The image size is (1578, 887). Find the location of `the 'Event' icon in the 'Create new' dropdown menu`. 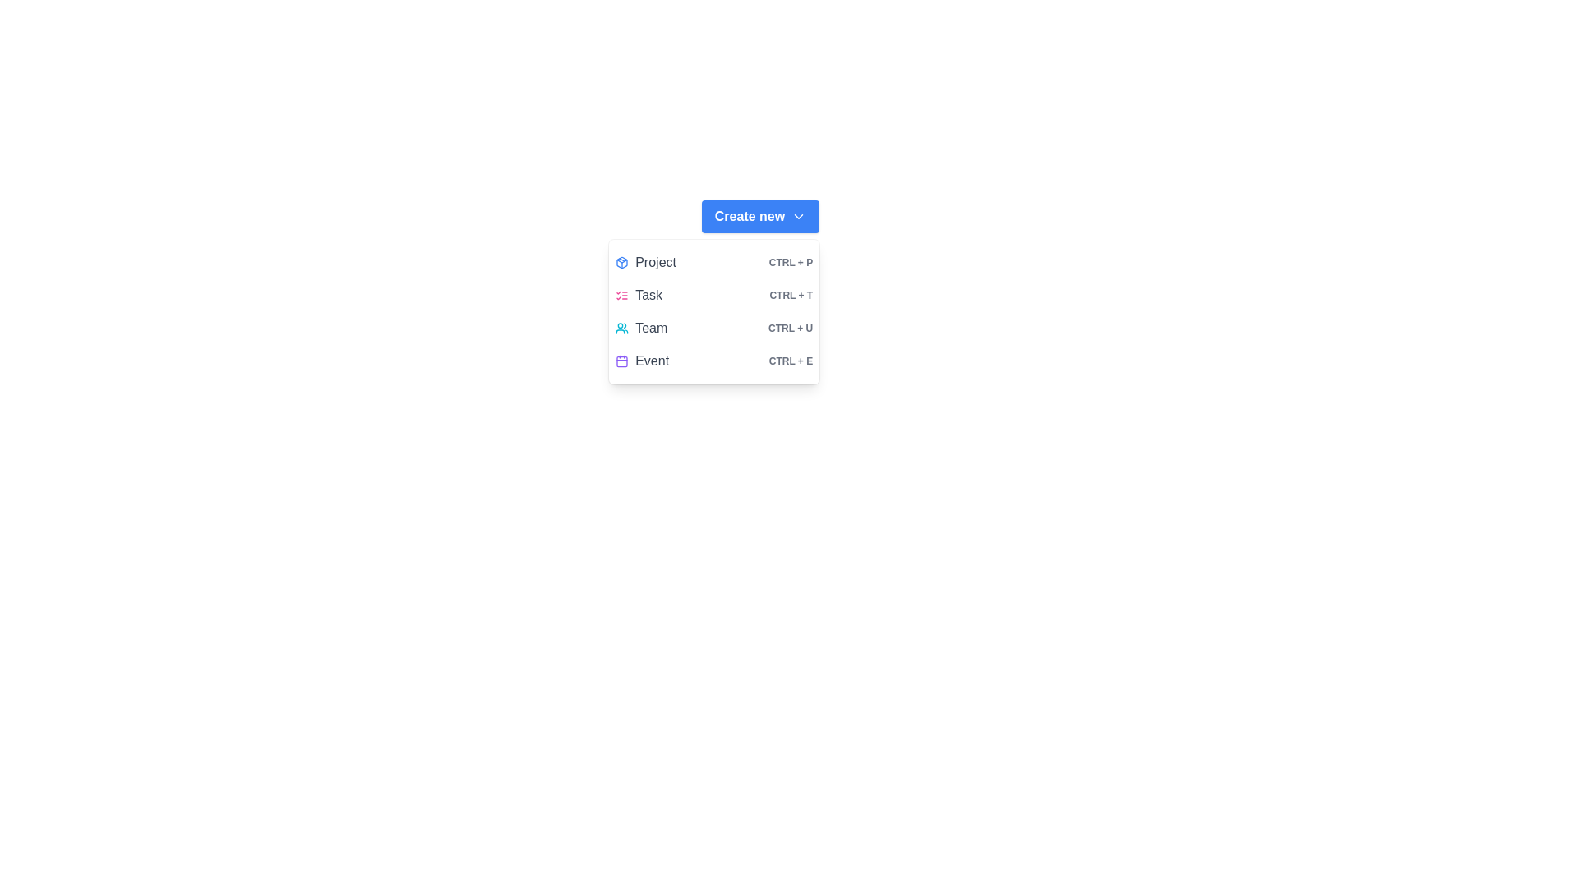

the 'Event' icon in the 'Create new' dropdown menu is located at coordinates (621, 360).